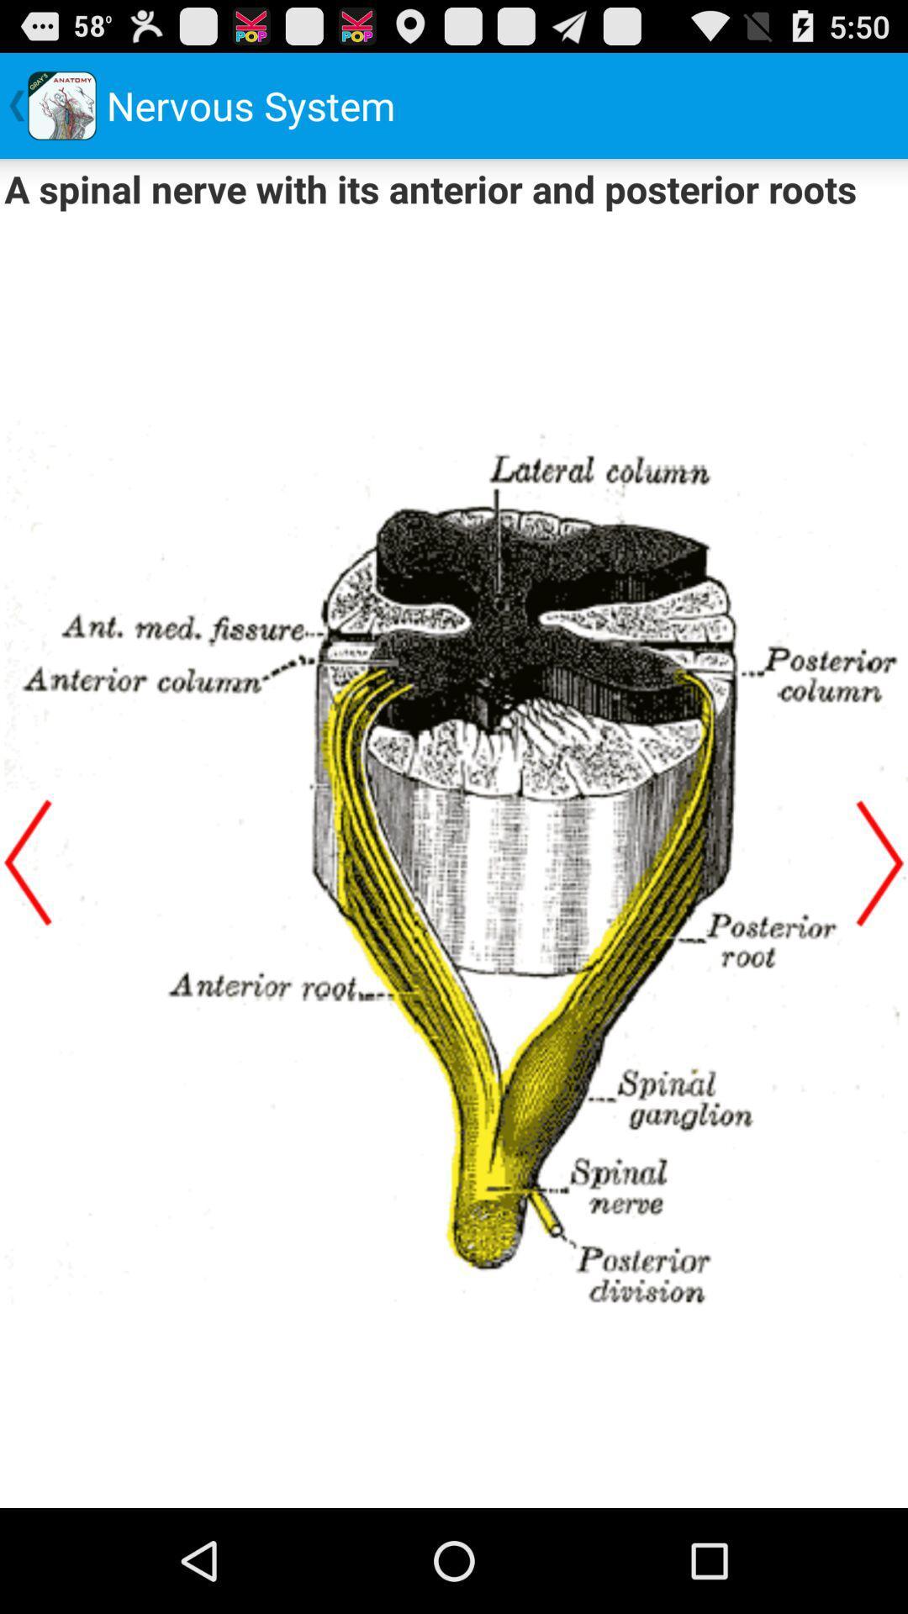 The image size is (908, 1614). What do you see at coordinates (879, 862) in the screenshot?
I see `go forward` at bounding box center [879, 862].